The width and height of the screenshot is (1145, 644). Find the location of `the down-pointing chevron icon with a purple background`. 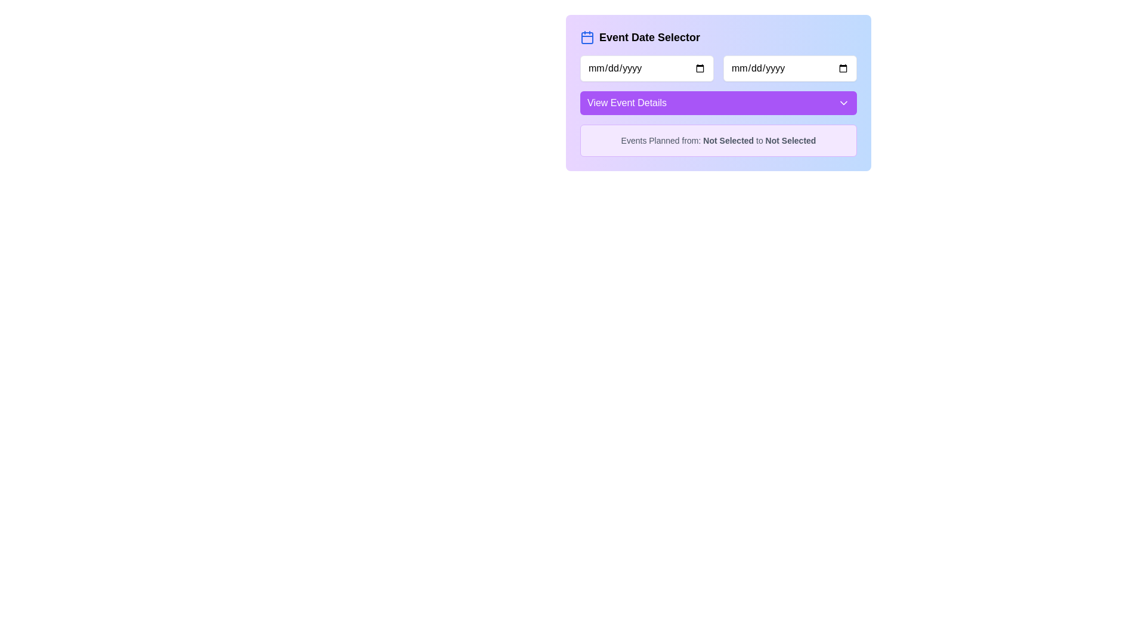

the down-pointing chevron icon with a purple background is located at coordinates (843, 103).